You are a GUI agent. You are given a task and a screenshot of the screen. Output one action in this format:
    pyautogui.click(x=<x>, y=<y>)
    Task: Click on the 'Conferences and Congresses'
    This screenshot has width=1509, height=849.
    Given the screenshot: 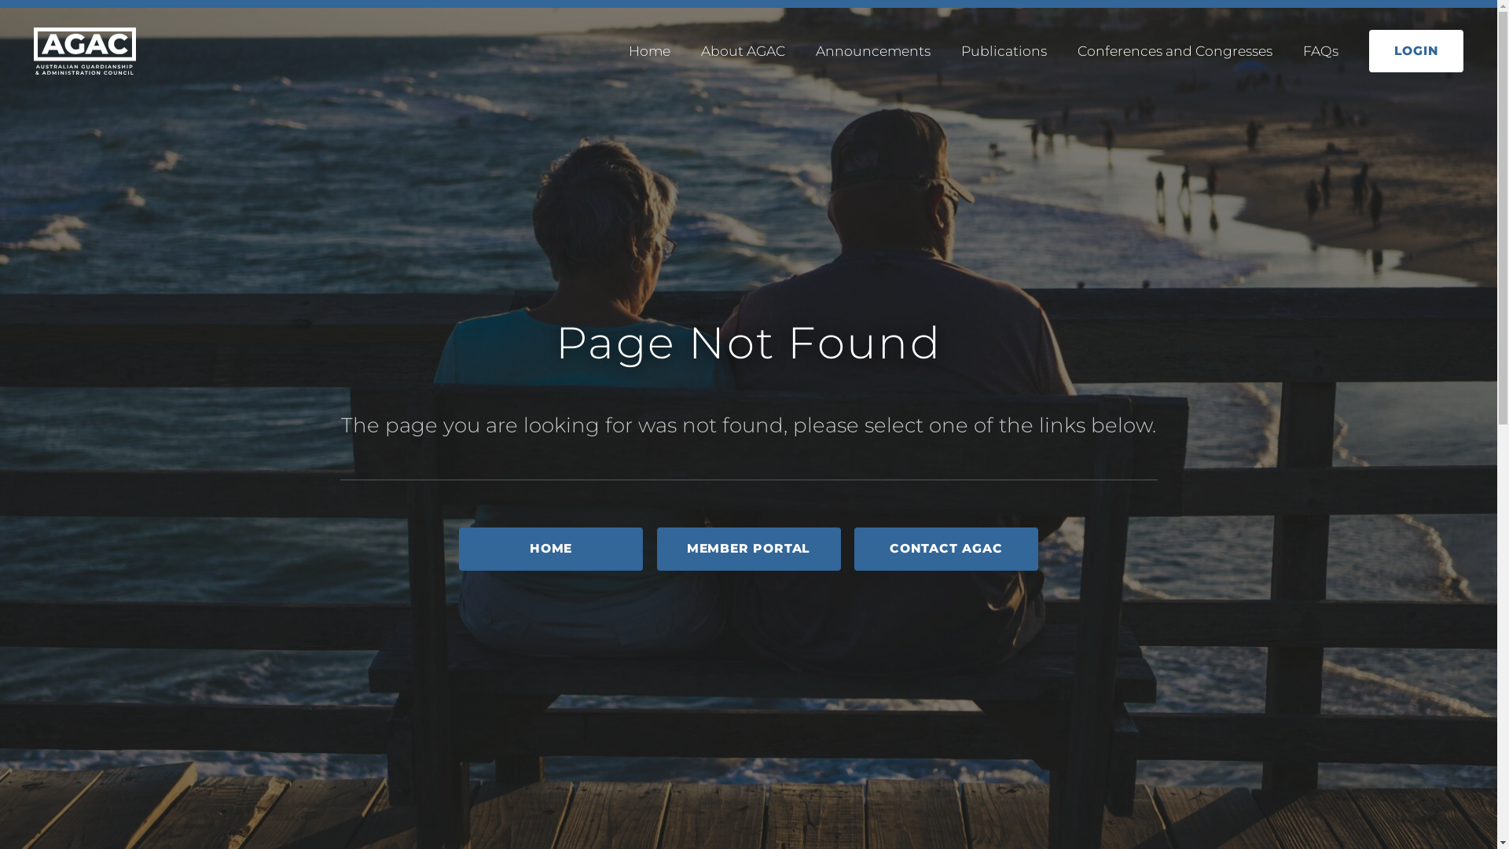 What is the action you would take?
    pyautogui.click(x=1077, y=50)
    